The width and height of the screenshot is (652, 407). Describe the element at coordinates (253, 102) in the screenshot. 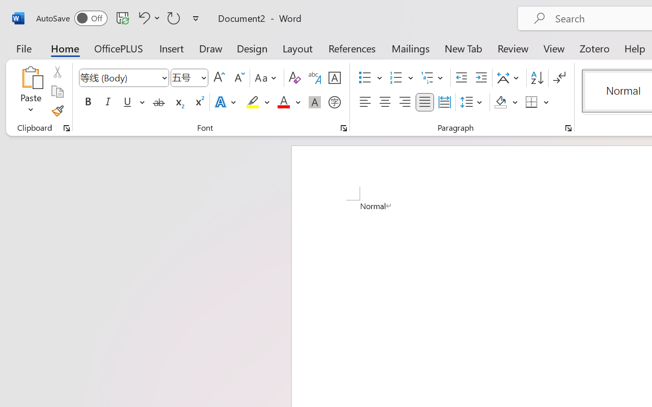

I see `'Text Highlight Color Yellow'` at that location.